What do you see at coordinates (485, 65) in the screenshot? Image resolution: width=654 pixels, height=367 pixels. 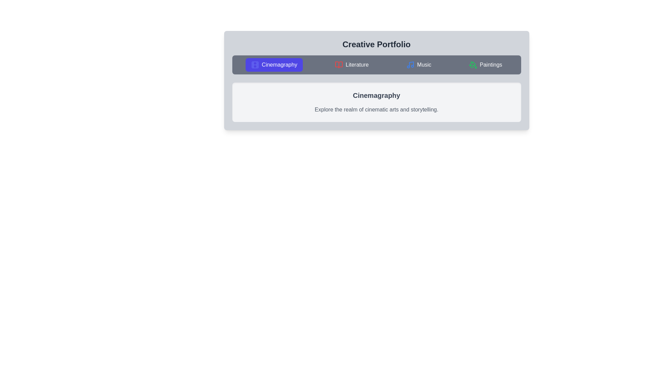 I see `the tab labeled Paintings and observe its content` at bounding box center [485, 65].